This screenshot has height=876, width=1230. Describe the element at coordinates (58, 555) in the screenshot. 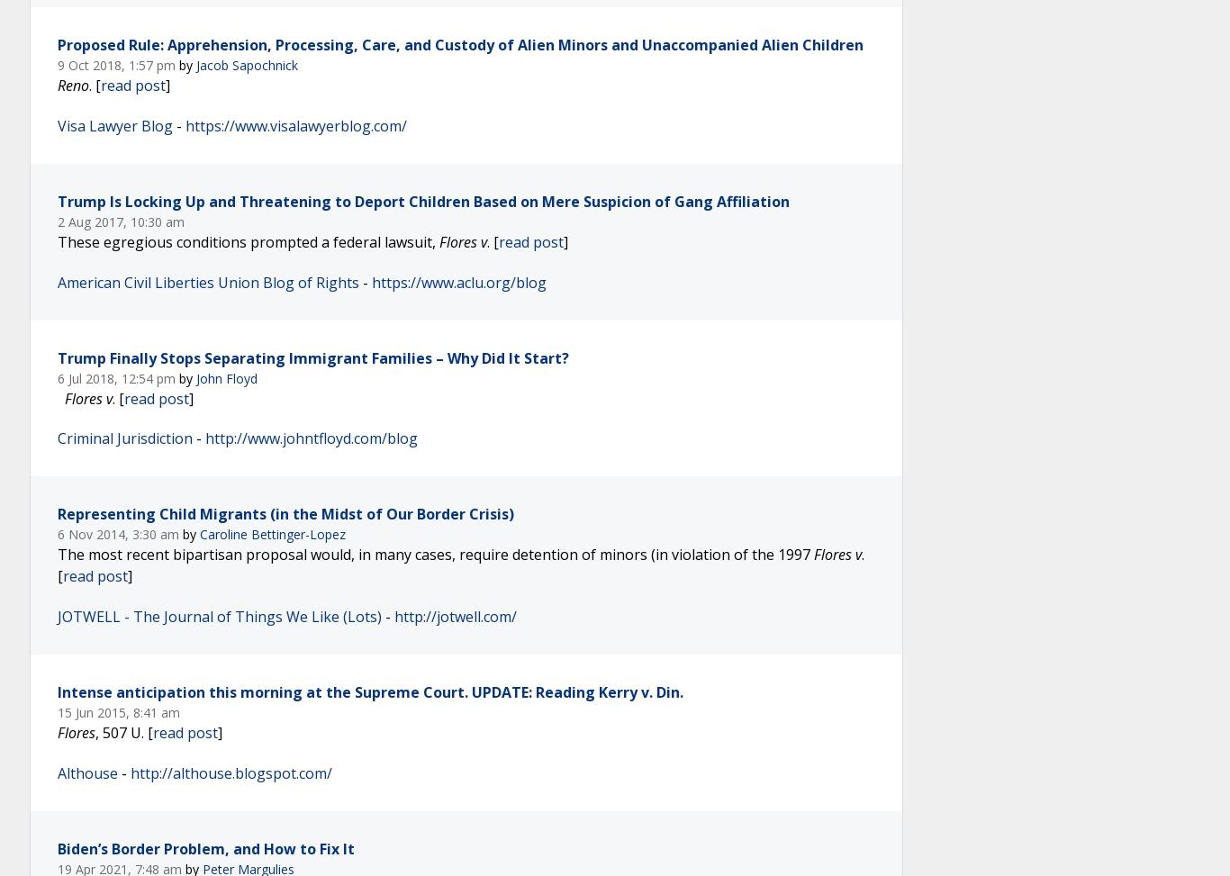

I see `'The most recent bipartisan proposal would, in many cases, require detention of minors (in violation of the 1997'` at that location.